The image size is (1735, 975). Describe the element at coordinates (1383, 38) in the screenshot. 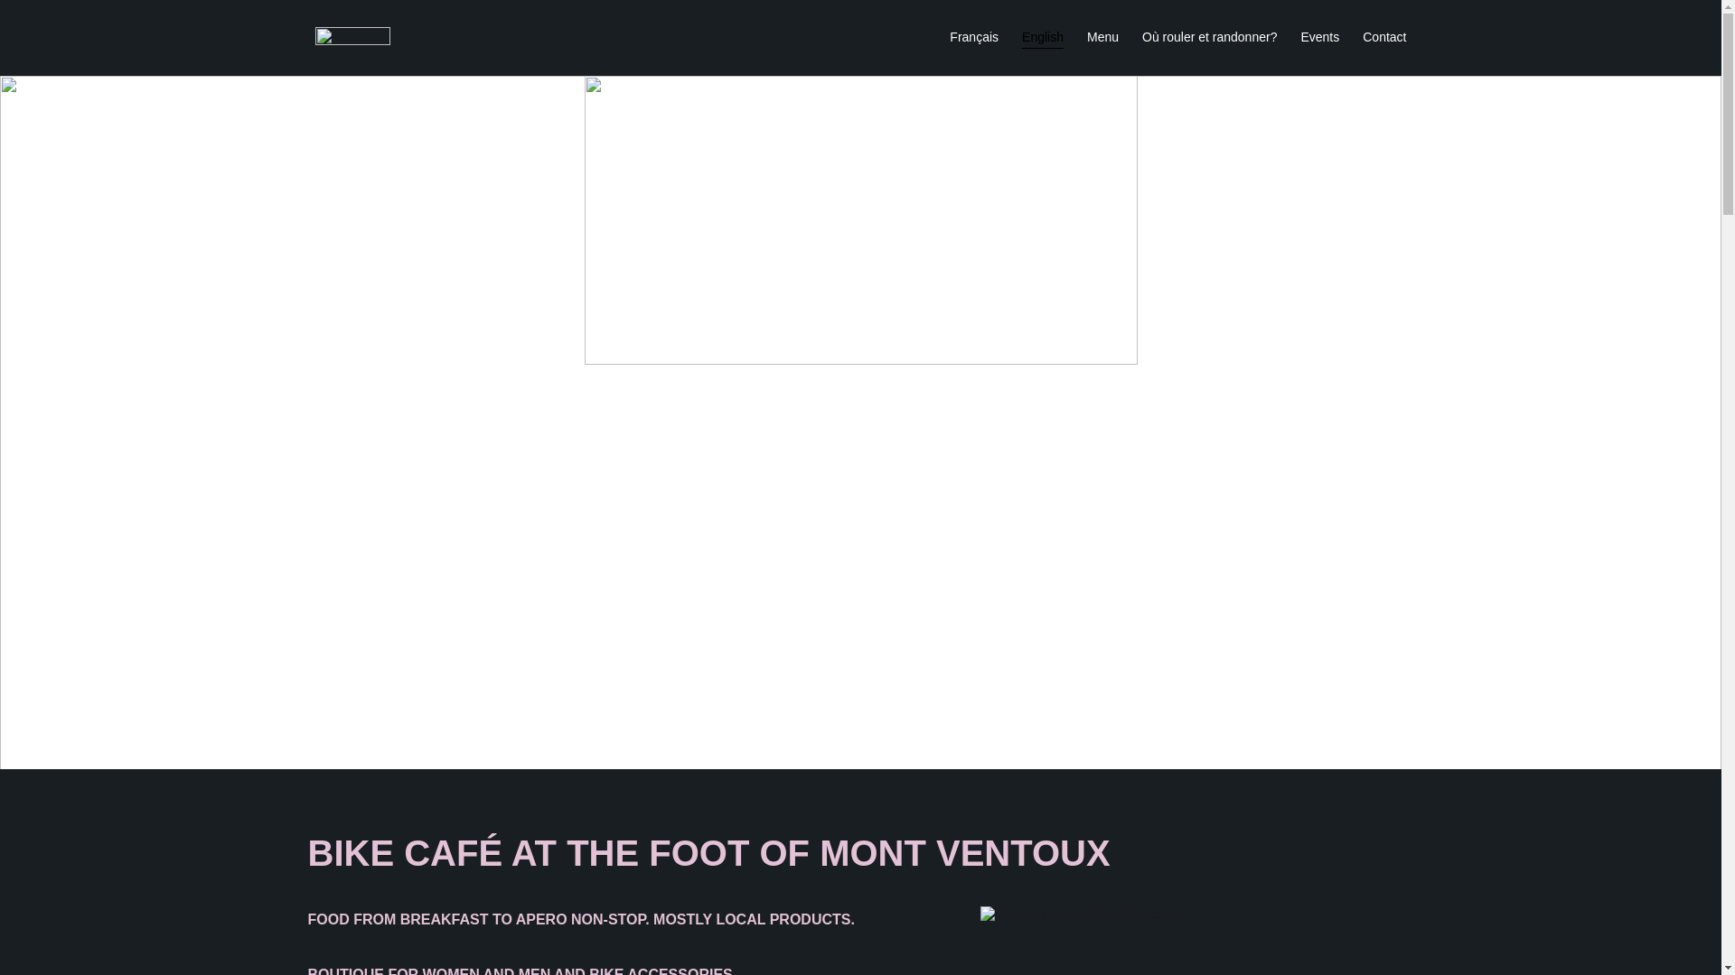

I see `'Contact'` at that location.